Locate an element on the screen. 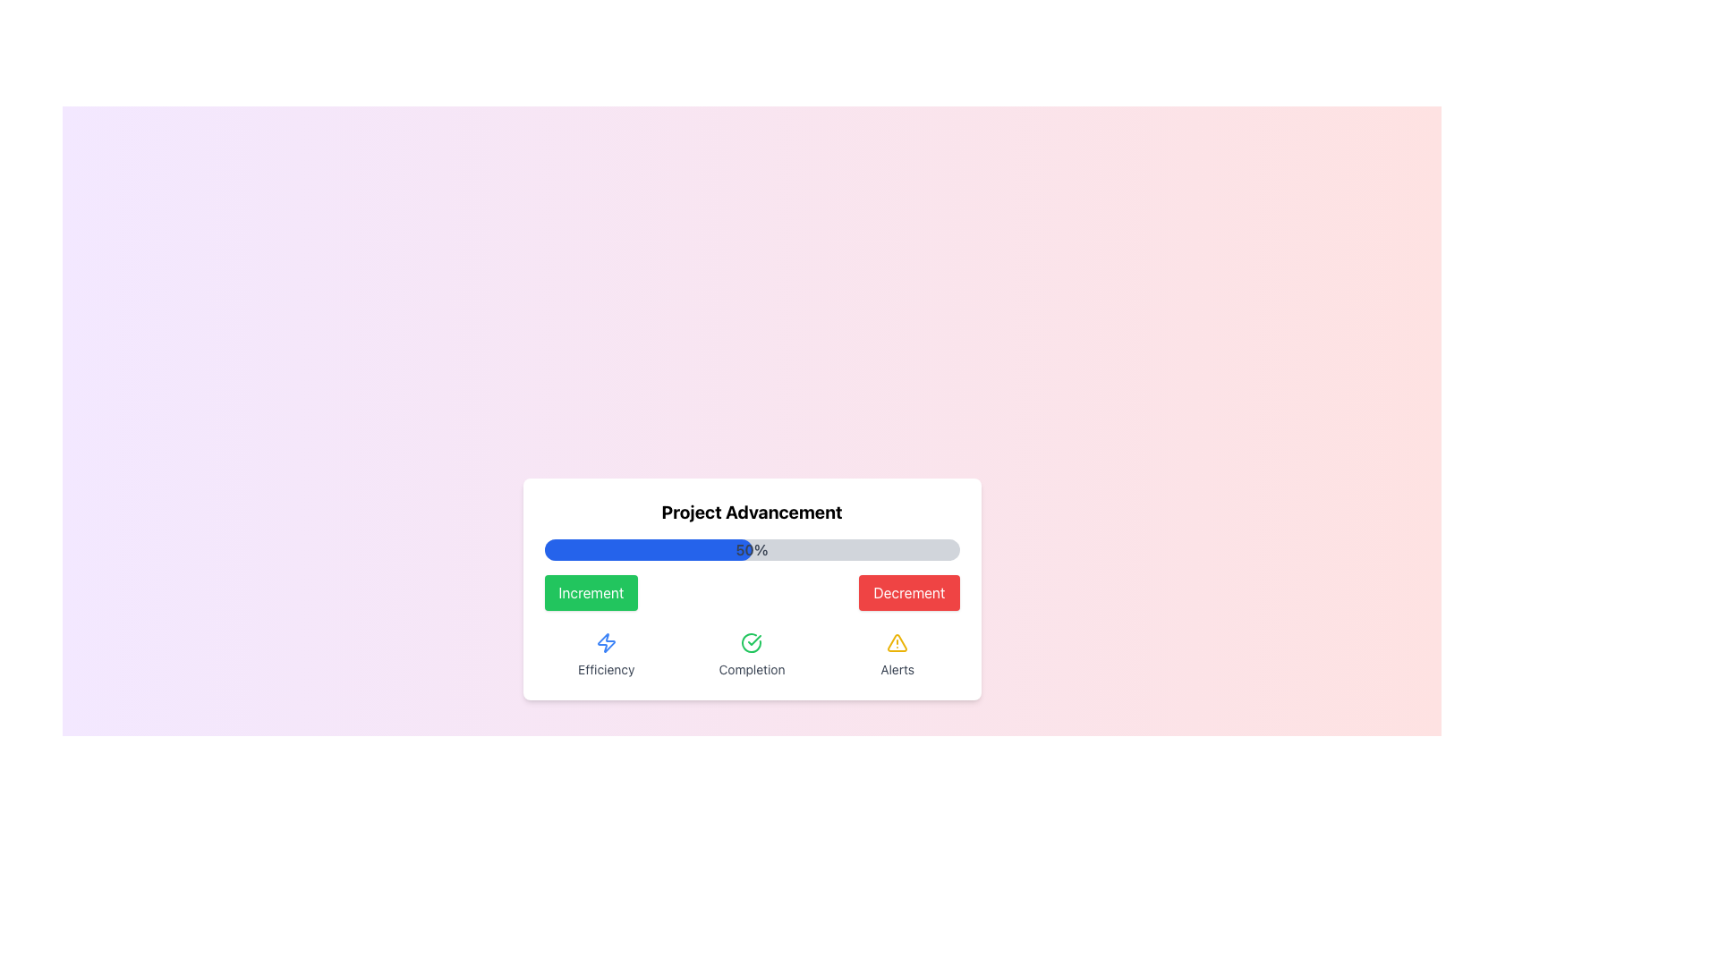 The width and height of the screenshot is (1718, 966). the 'Efficiency' icon located at the bottom row of features in the lower section of the interface is located at coordinates (606, 641).